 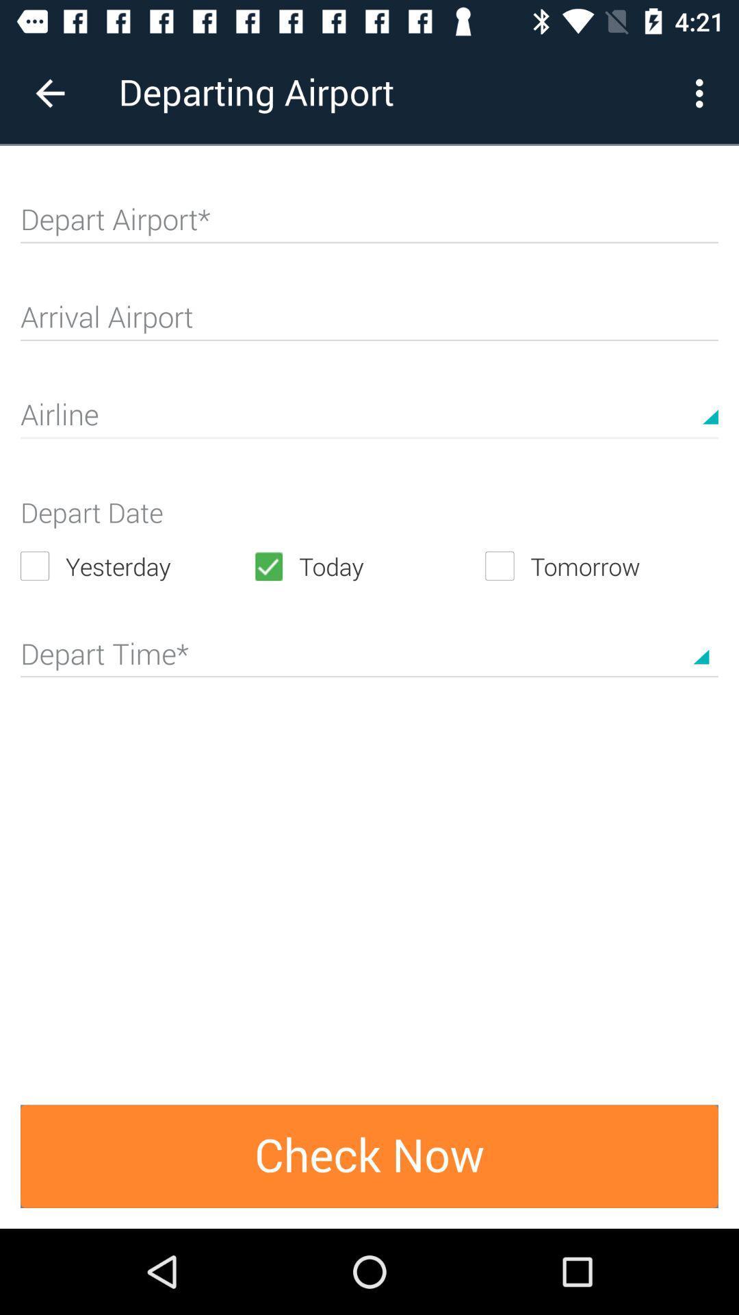 I want to click on the icon to the right of the today icon, so click(x=601, y=566).